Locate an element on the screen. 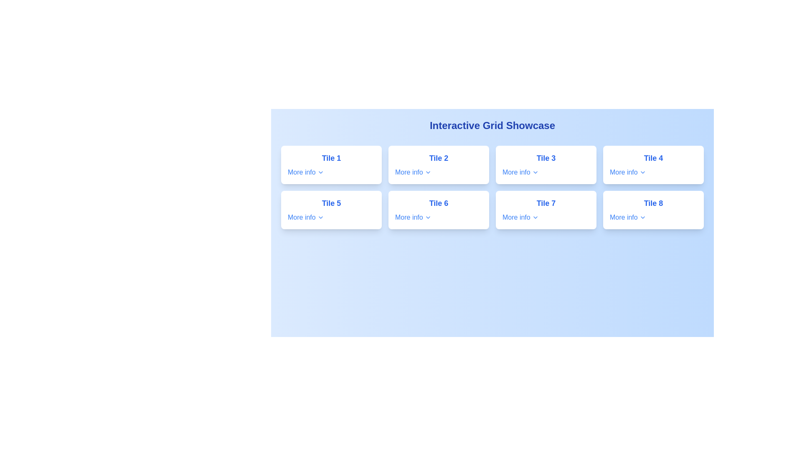  the interactive button located below the title 'Tile 8' in the bottom-right of the grid is located at coordinates (628, 217).